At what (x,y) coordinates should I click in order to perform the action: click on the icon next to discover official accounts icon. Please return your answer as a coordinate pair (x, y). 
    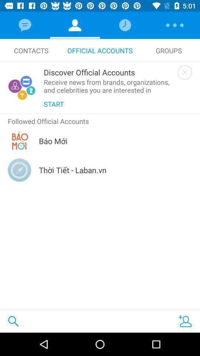
    Looking at the image, I should click on (184, 72).